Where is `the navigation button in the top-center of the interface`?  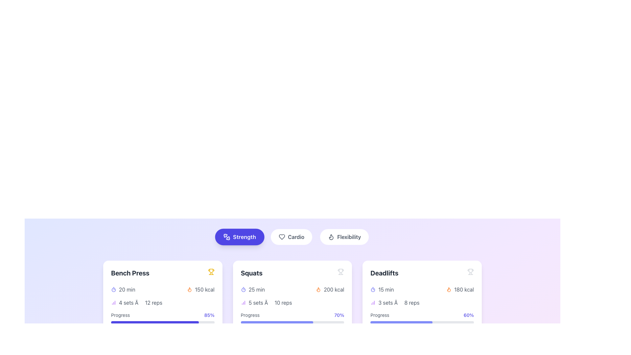
the navigation button in the top-center of the interface is located at coordinates (292, 237).